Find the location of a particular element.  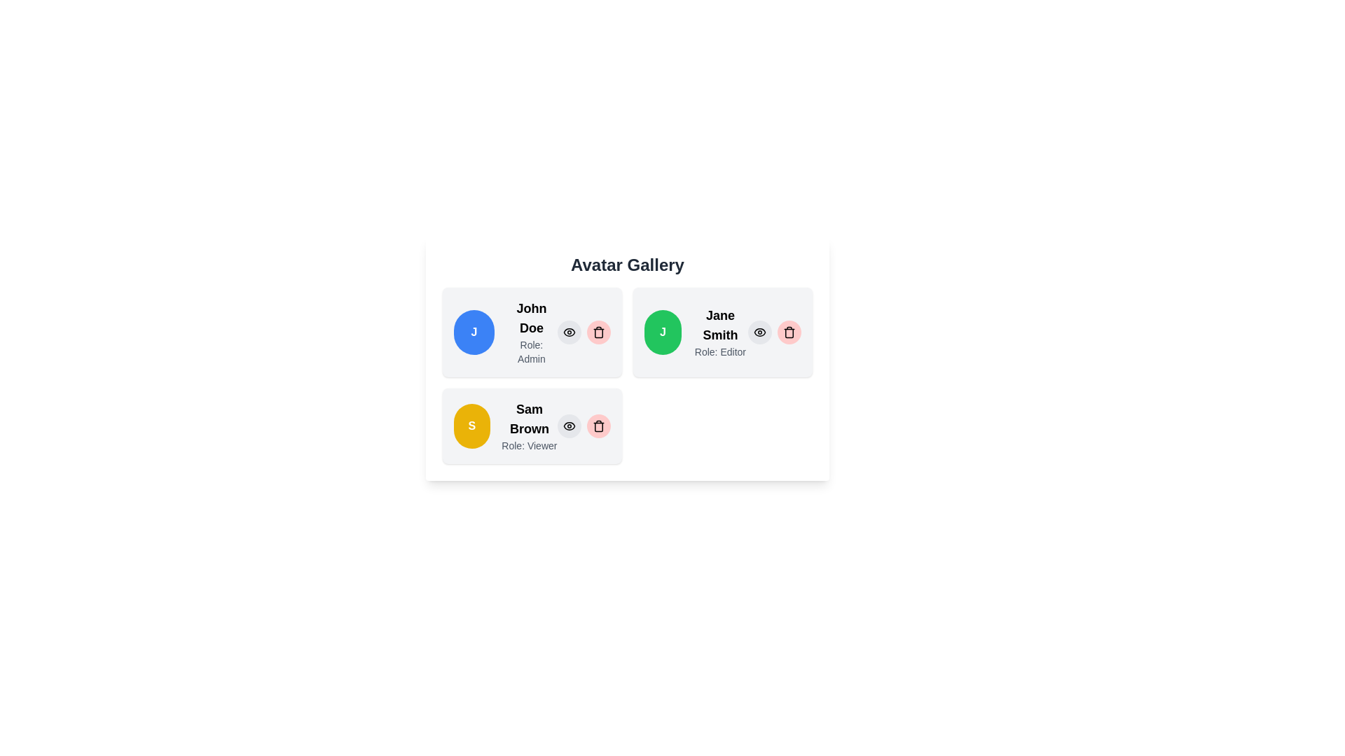

user information text block displaying 'Jane Smith' as 'Editor' located in the right group of the second row under 'Avatar Gallery' is located at coordinates (720, 332).